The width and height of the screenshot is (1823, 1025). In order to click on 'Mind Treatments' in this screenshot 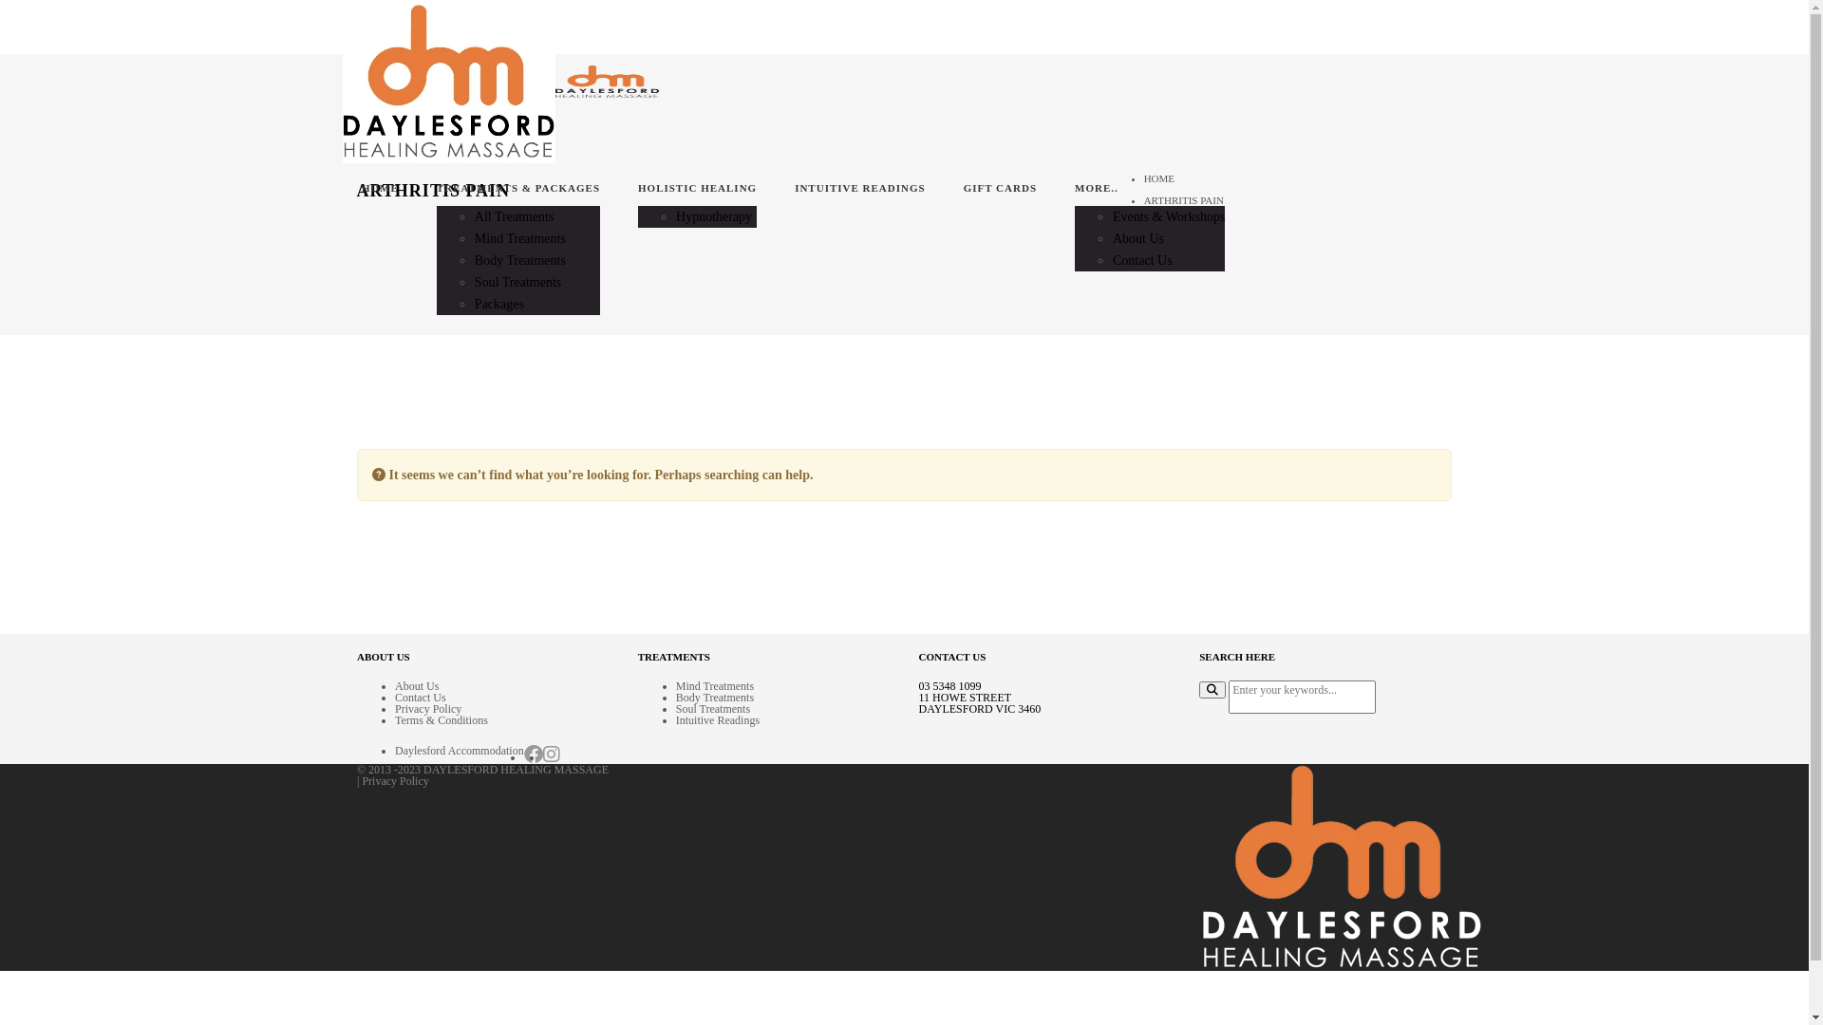, I will do `click(519, 237)`.